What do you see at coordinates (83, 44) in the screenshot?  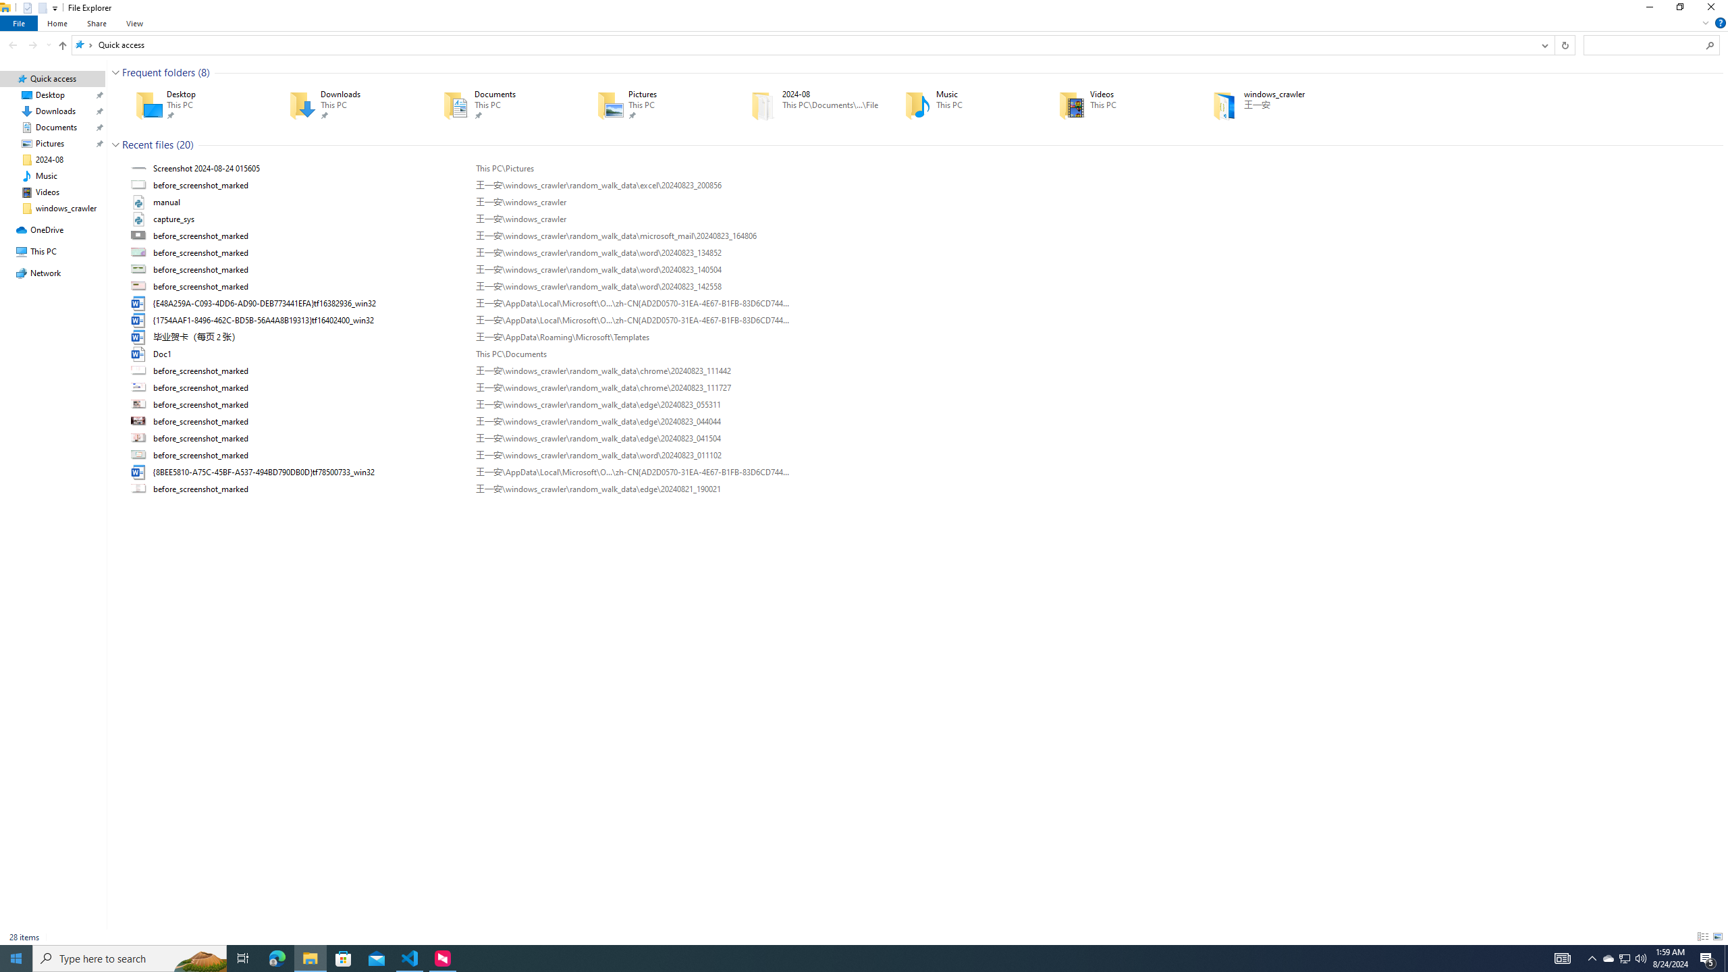 I see `'All locations'` at bounding box center [83, 44].